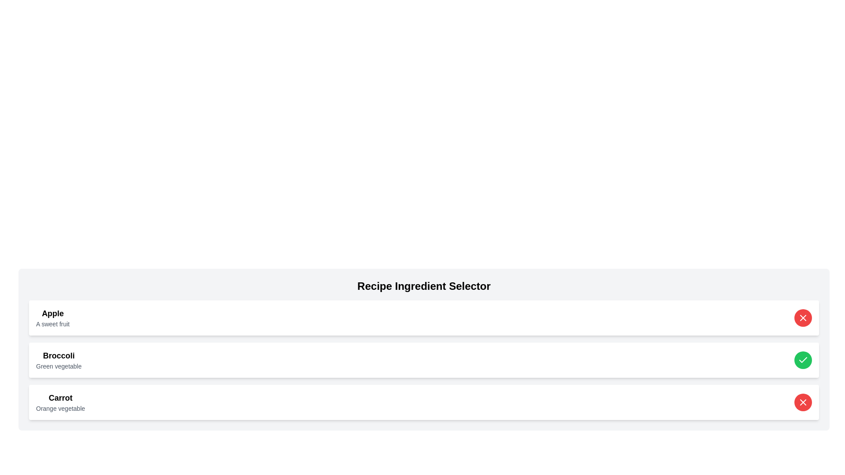  What do you see at coordinates (58, 355) in the screenshot?
I see `the text label displaying 'Broccoli' which is positioned in the second box of the ingredients selection list, above the description 'Green vegetable' and below 'Apple'` at bounding box center [58, 355].